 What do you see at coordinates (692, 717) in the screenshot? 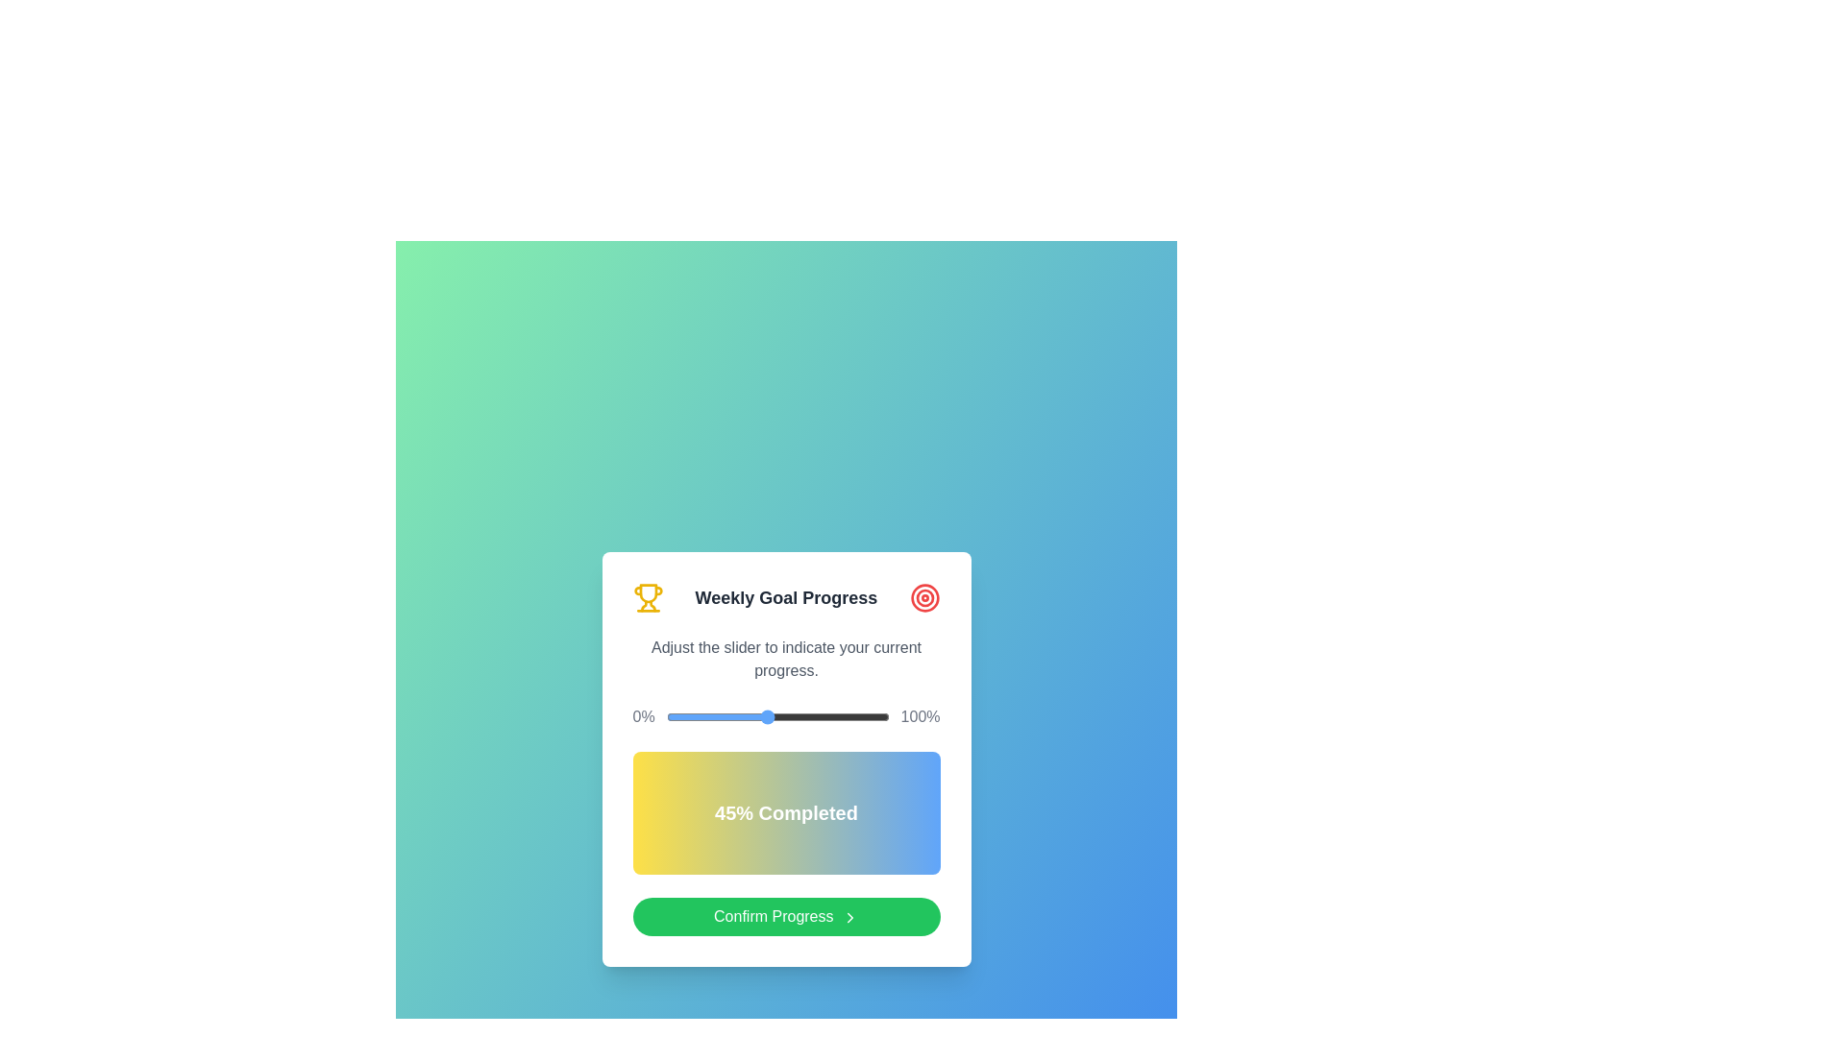
I see `the slider to set the progress percentage to 12` at bounding box center [692, 717].